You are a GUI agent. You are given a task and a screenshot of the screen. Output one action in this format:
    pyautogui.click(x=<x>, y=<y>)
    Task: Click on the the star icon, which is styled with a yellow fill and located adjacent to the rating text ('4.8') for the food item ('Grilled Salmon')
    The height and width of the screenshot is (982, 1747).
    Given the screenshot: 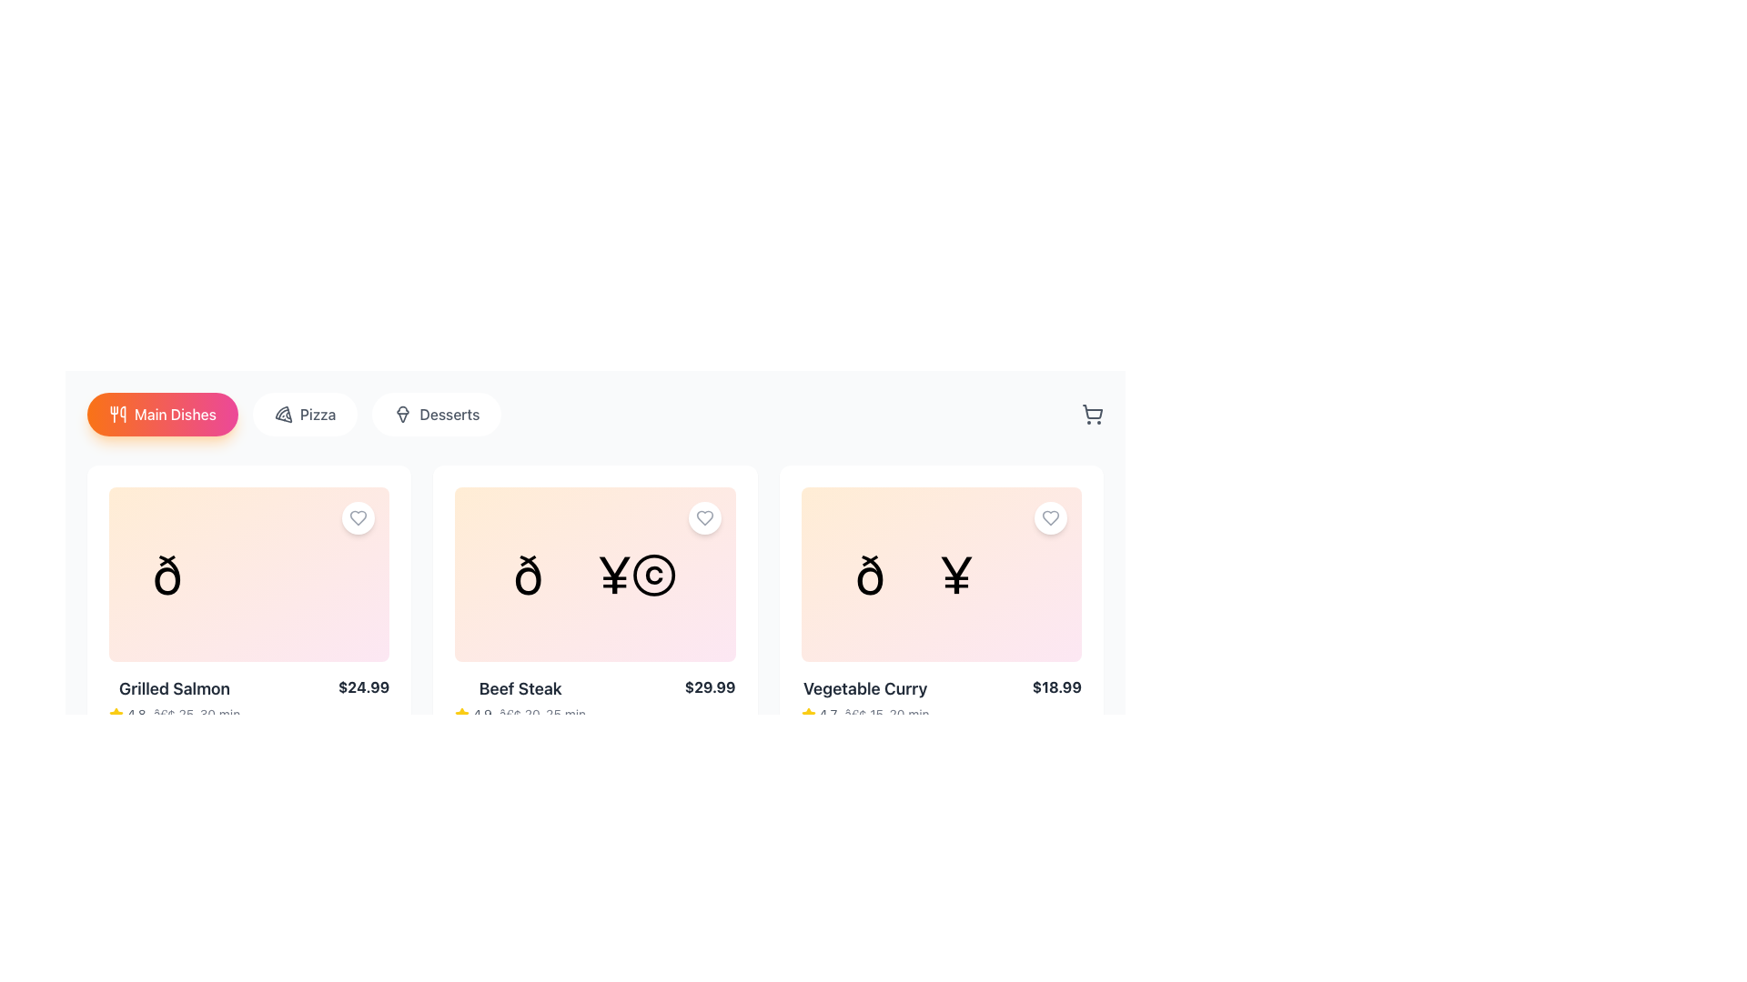 What is the action you would take?
    pyautogui.click(x=116, y=714)
    